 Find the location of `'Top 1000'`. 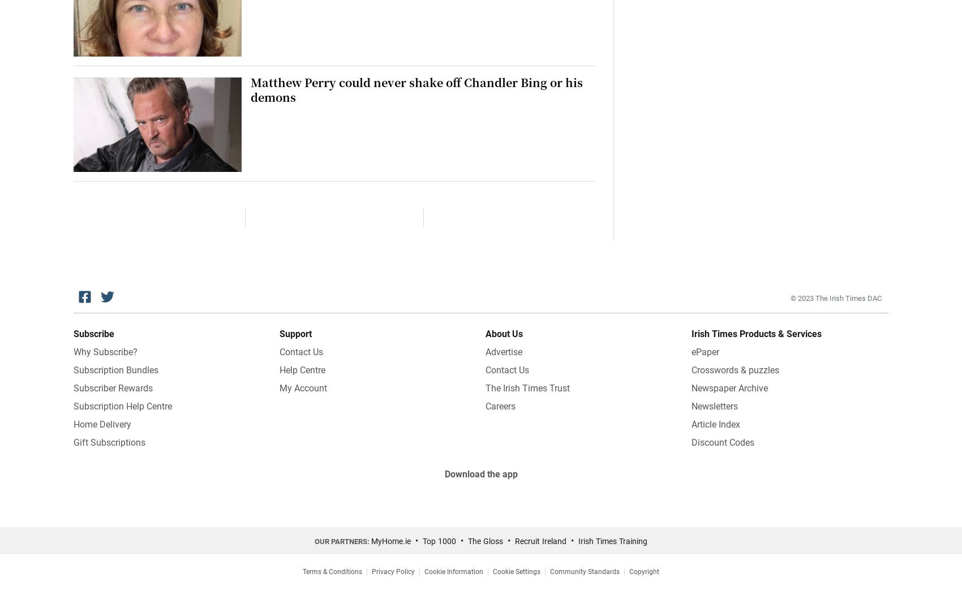

'Top 1000' is located at coordinates (439, 541).